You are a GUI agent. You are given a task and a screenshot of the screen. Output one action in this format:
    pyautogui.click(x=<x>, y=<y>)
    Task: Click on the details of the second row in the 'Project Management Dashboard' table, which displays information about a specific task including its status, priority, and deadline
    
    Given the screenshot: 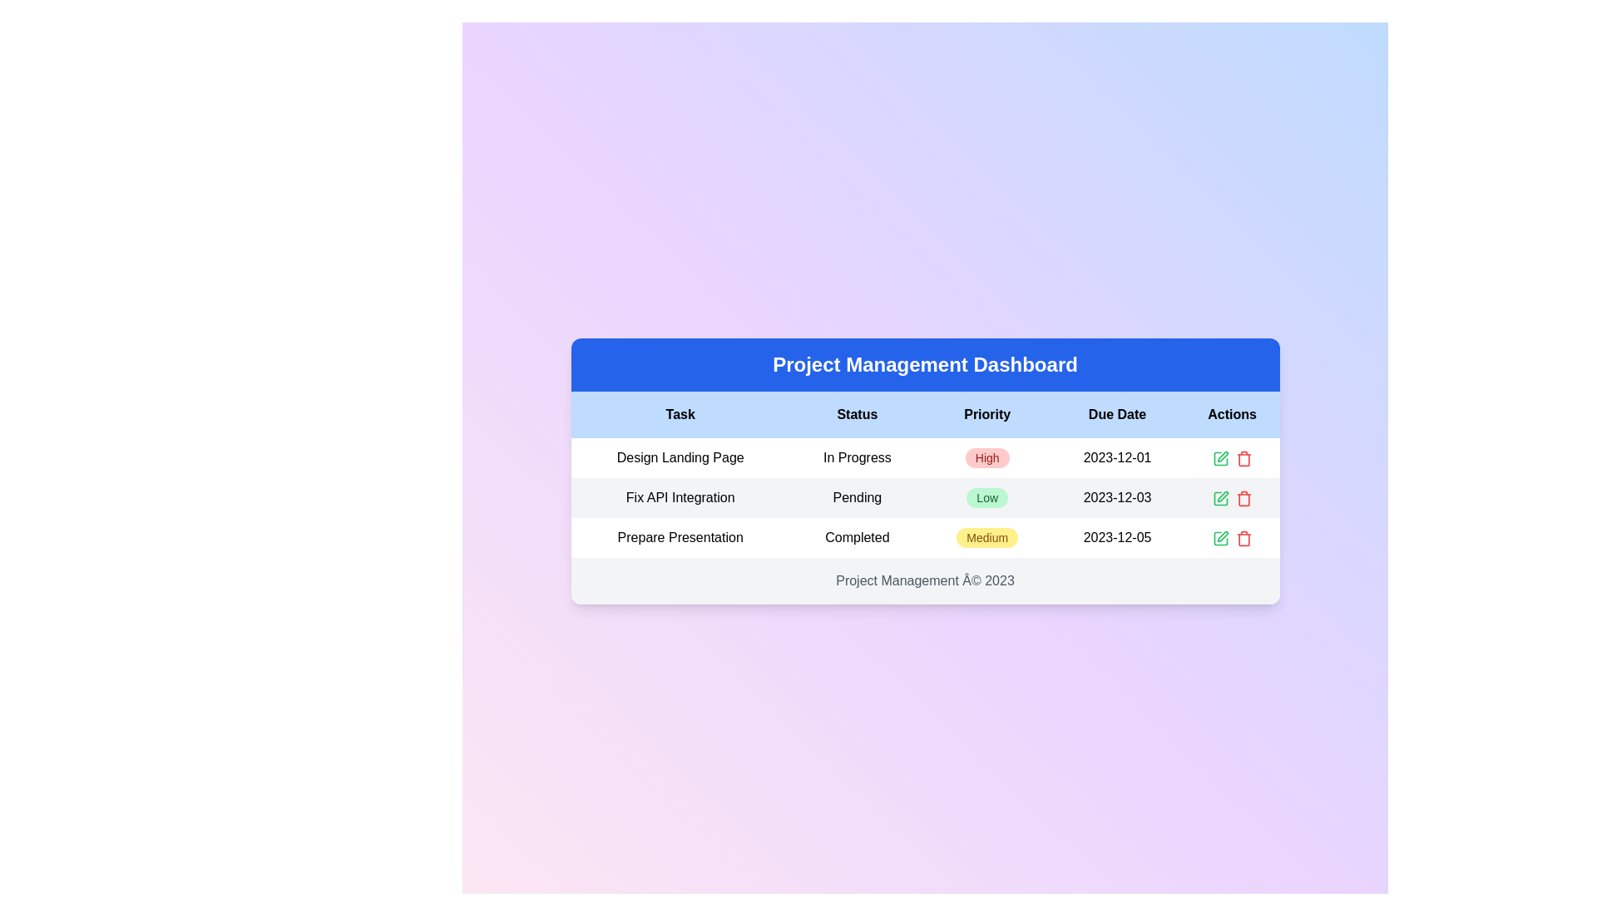 What is the action you would take?
    pyautogui.click(x=924, y=496)
    